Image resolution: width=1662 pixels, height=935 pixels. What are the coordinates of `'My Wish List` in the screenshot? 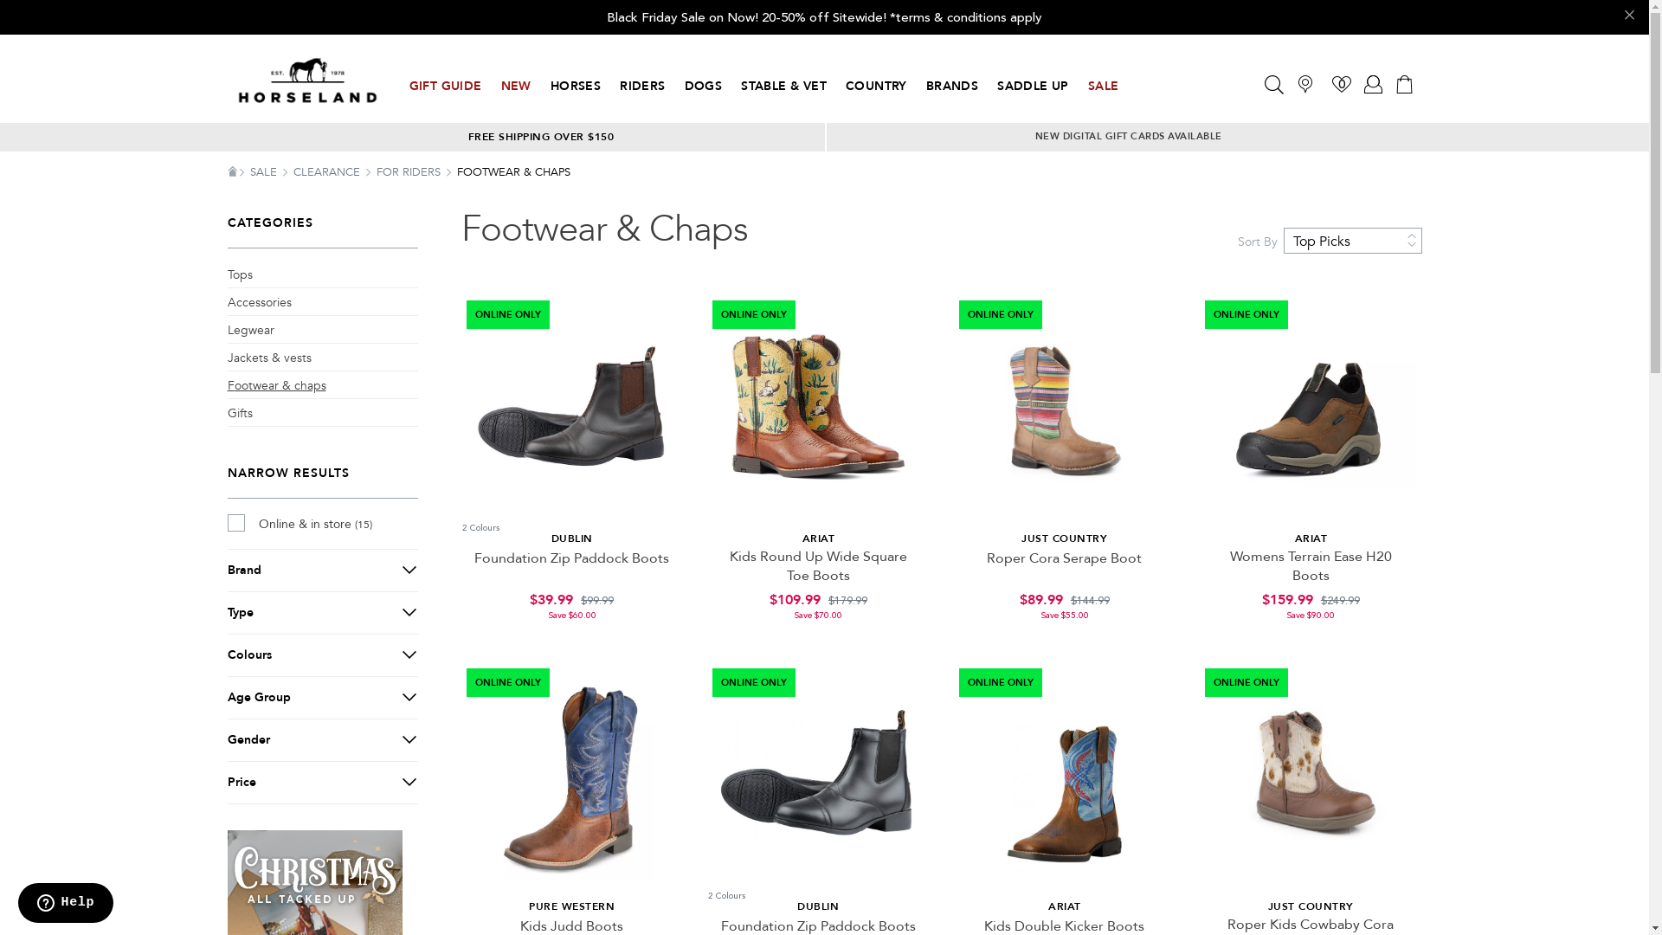 It's located at (1341, 83).